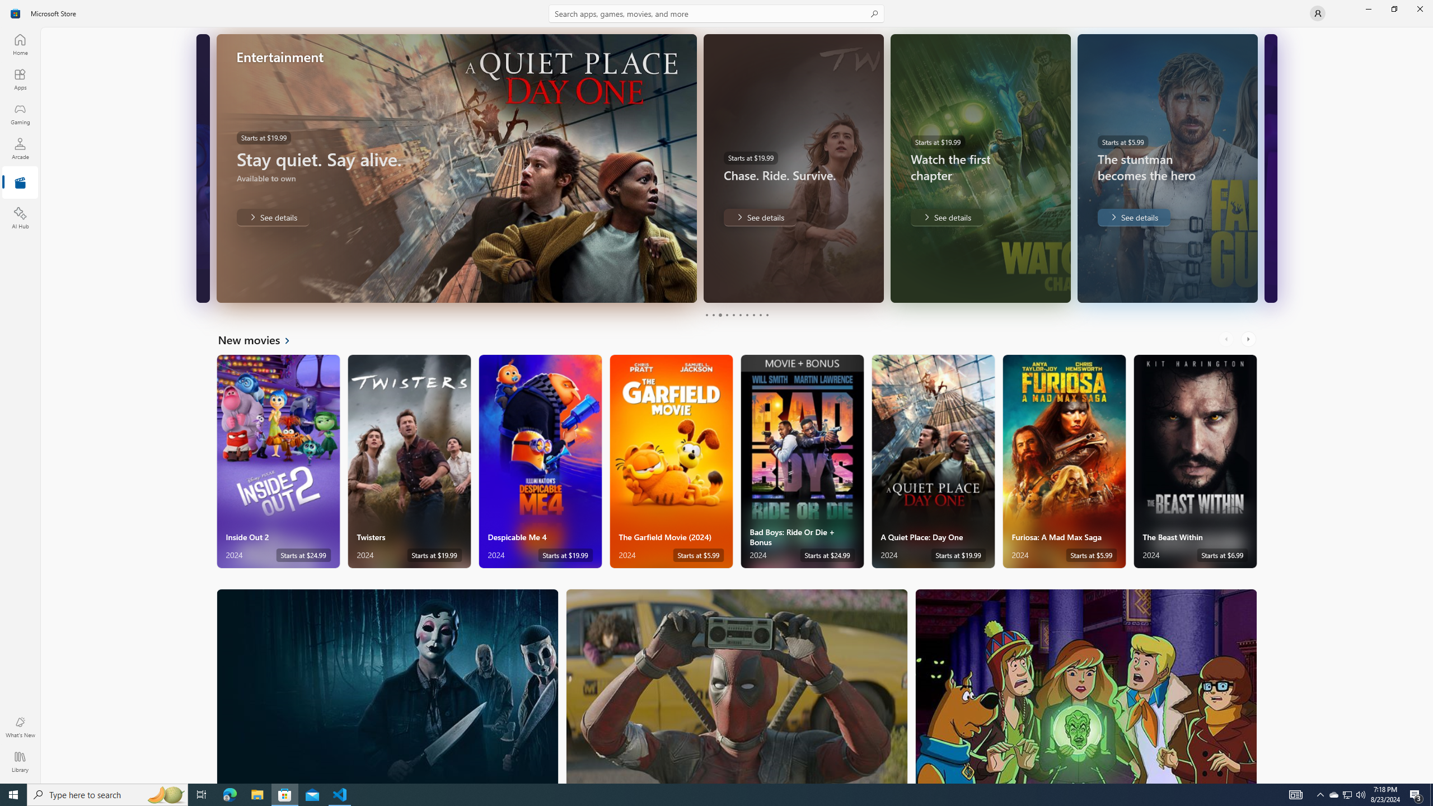 Image resolution: width=1433 pixels, height=806 pixels. What do you see at coordinates (739, 315) in the screenshot?
I see `'Page 6'` at bounding box center [739, 315].